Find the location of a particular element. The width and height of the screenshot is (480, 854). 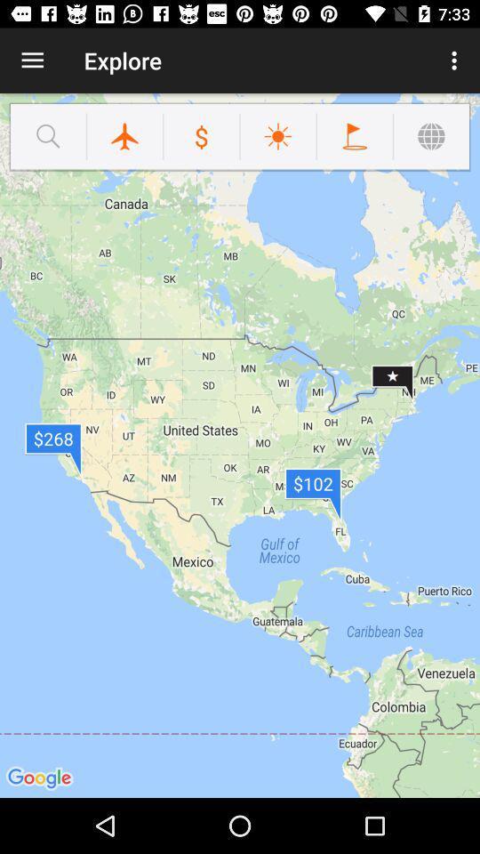

icon at the center is located at coordinates (240, 445).